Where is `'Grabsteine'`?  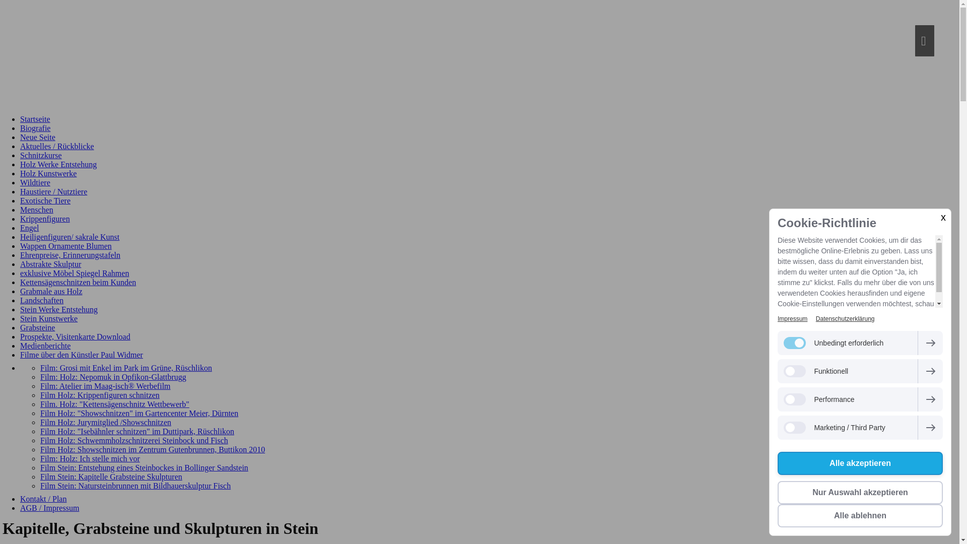
'Grabsteine' is located at coordinates (37, 327).